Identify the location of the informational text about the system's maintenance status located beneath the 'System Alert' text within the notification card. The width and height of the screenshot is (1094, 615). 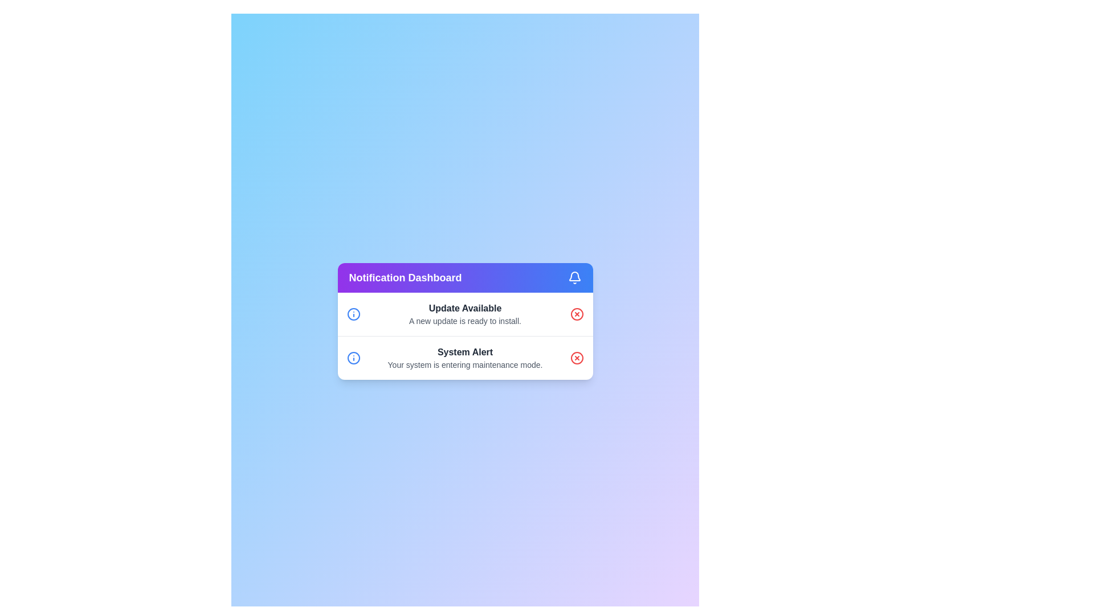
(465, 364).